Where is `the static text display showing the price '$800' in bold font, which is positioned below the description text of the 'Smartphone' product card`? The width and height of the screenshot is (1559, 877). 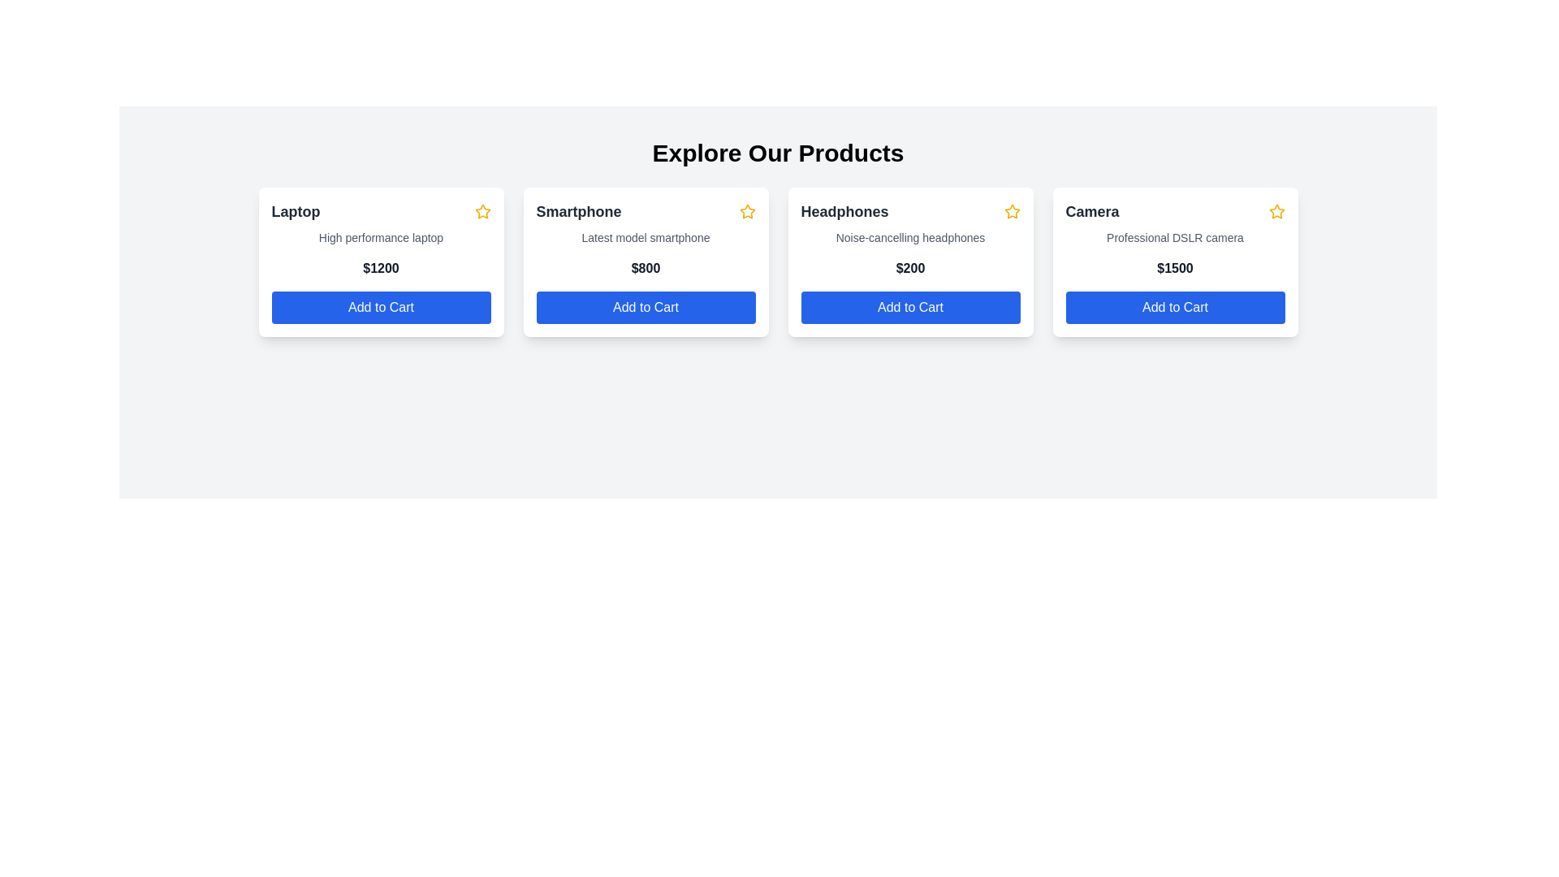
the static text display showing the price '$800' in bold font, which is positioned below the description text of the 'Smartphone' product card is located at coordinates (645, 268).